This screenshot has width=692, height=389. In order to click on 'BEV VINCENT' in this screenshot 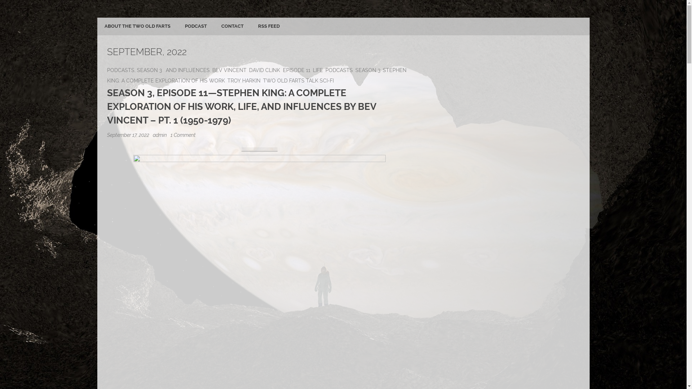, I will do `click(229, 70)`.